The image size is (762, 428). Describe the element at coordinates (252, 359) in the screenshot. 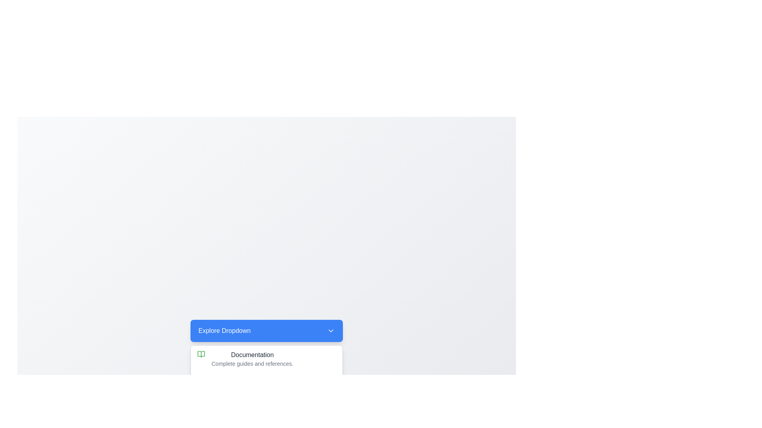

I see `the 'Documentation' text label located mid-bottom in the dropdown menu, just after the open book icon` at that location.